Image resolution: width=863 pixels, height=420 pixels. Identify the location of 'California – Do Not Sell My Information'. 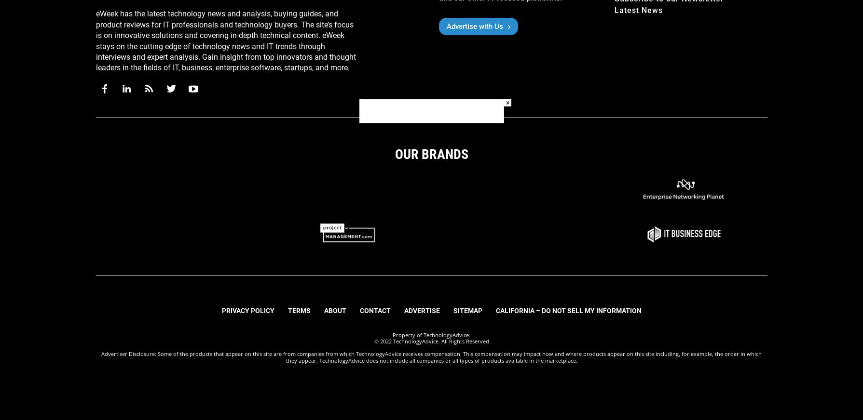
(568, 310).